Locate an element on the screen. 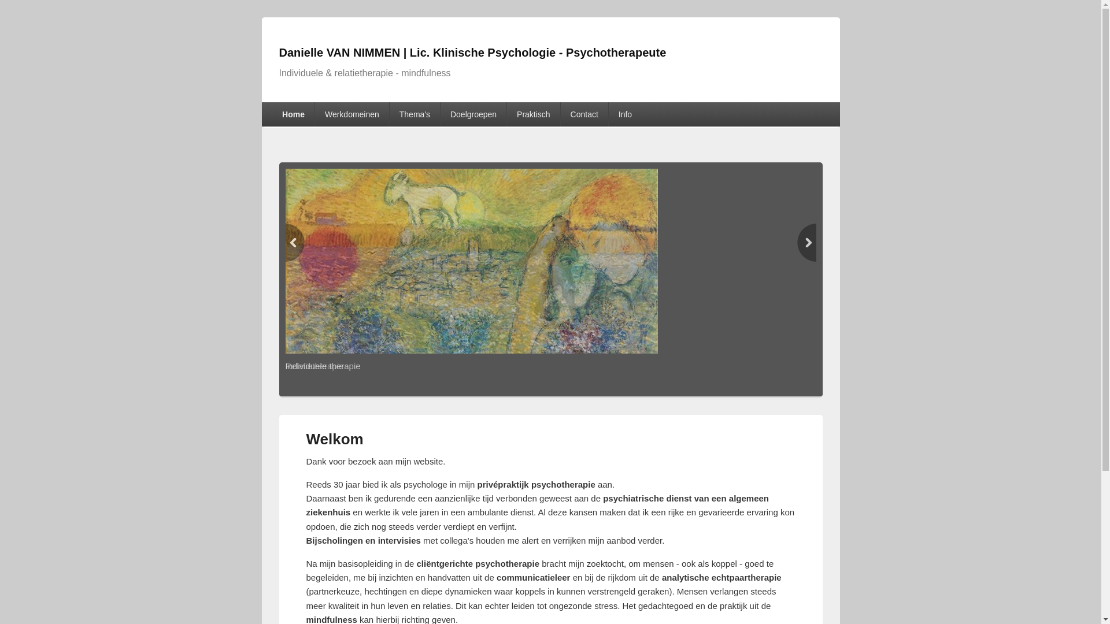 The width and height of the screenshot is (1110, 624). 'Werkdomeinen' is located at coordinates (351, 114).